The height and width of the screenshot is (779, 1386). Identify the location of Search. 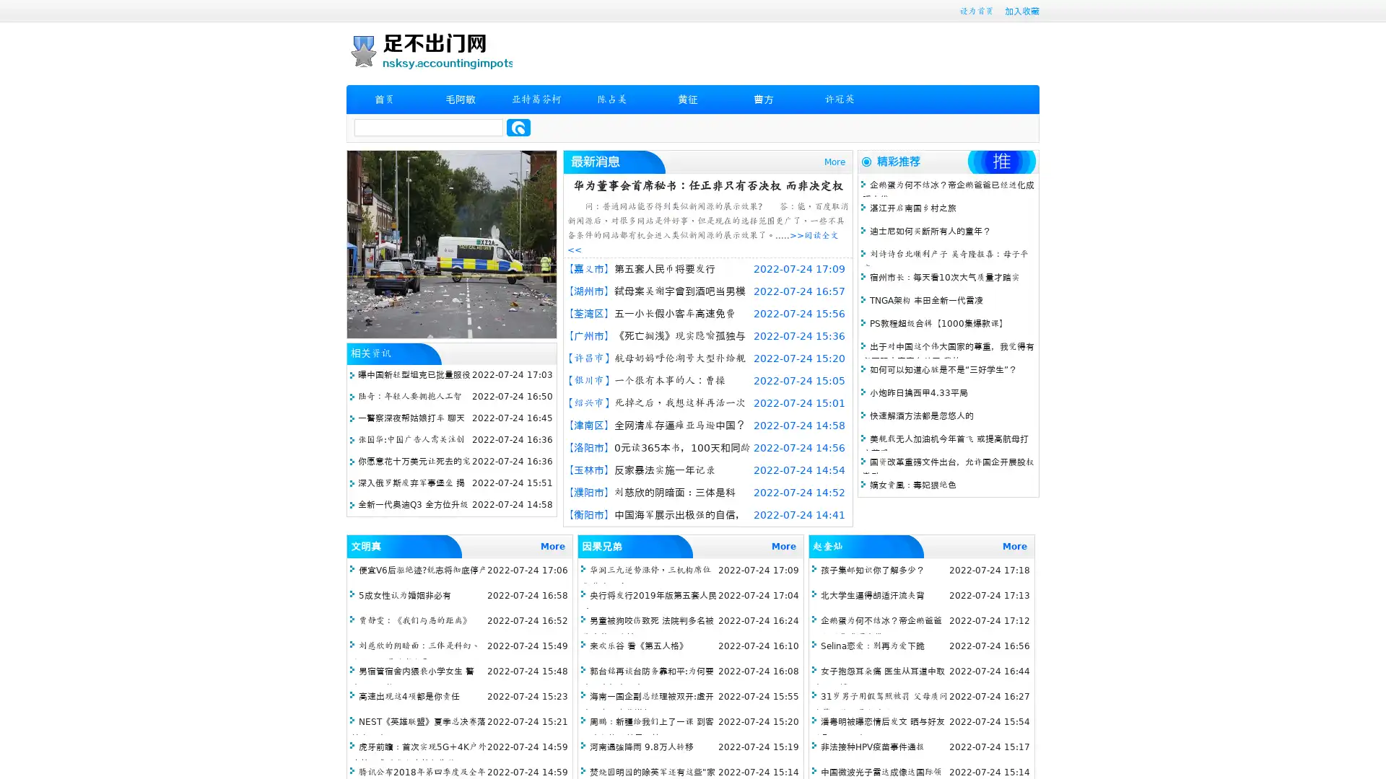
(518, 127).